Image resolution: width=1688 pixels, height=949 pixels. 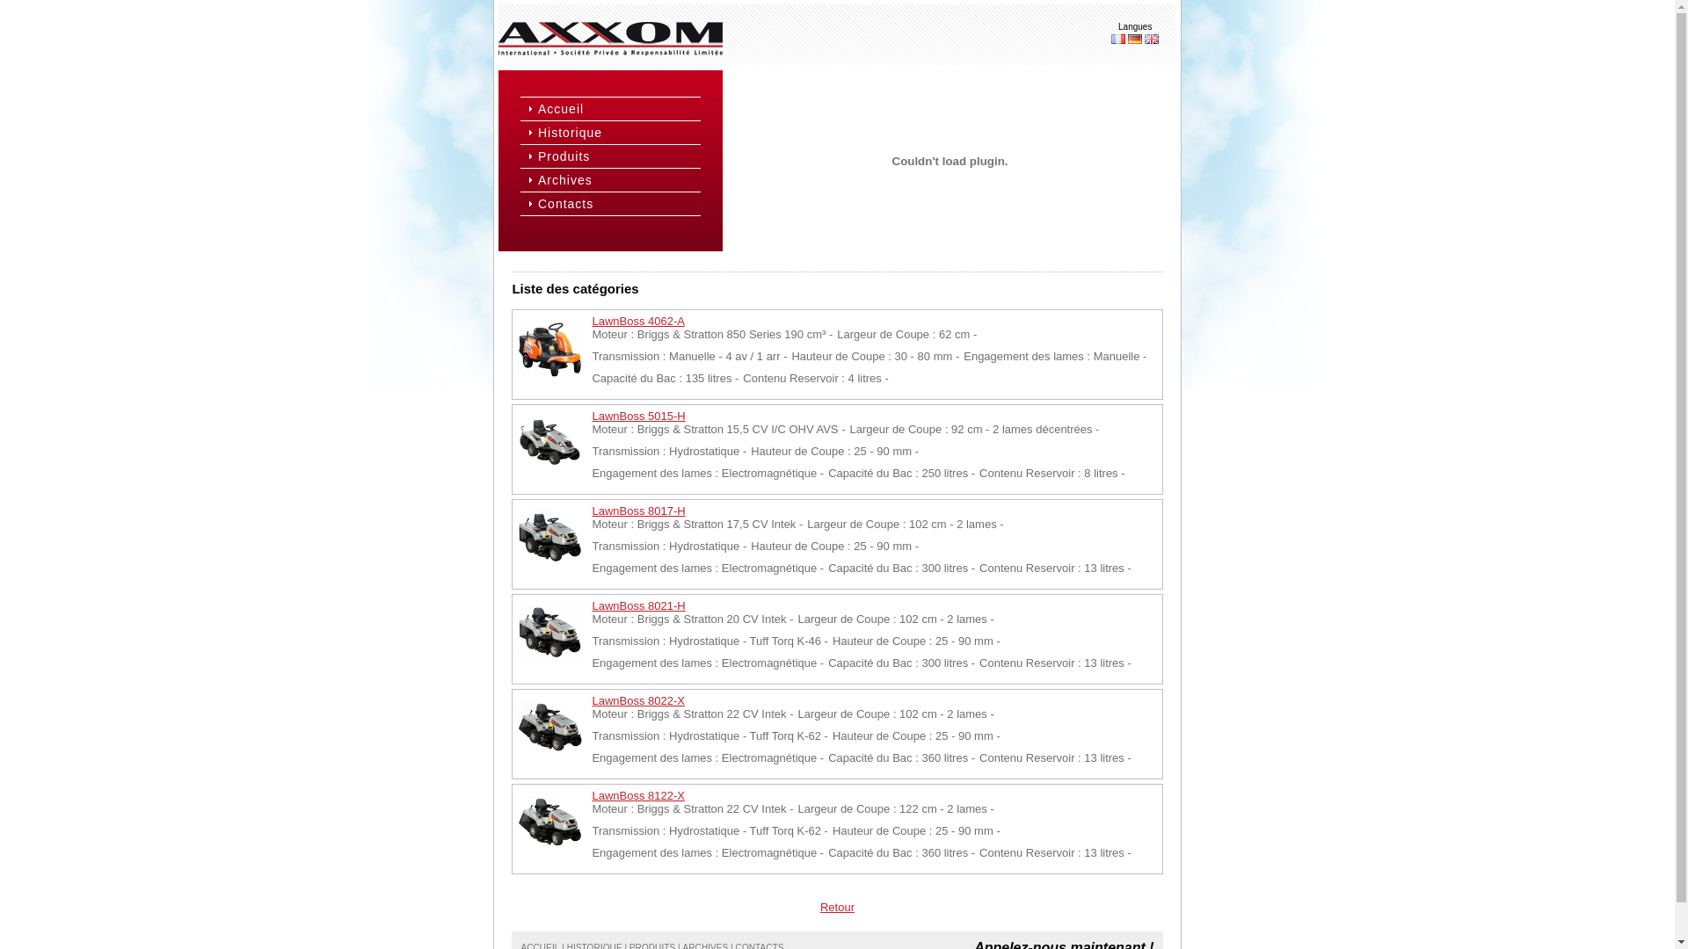 I want to click on 'Produits', so click(x=617, y=155).